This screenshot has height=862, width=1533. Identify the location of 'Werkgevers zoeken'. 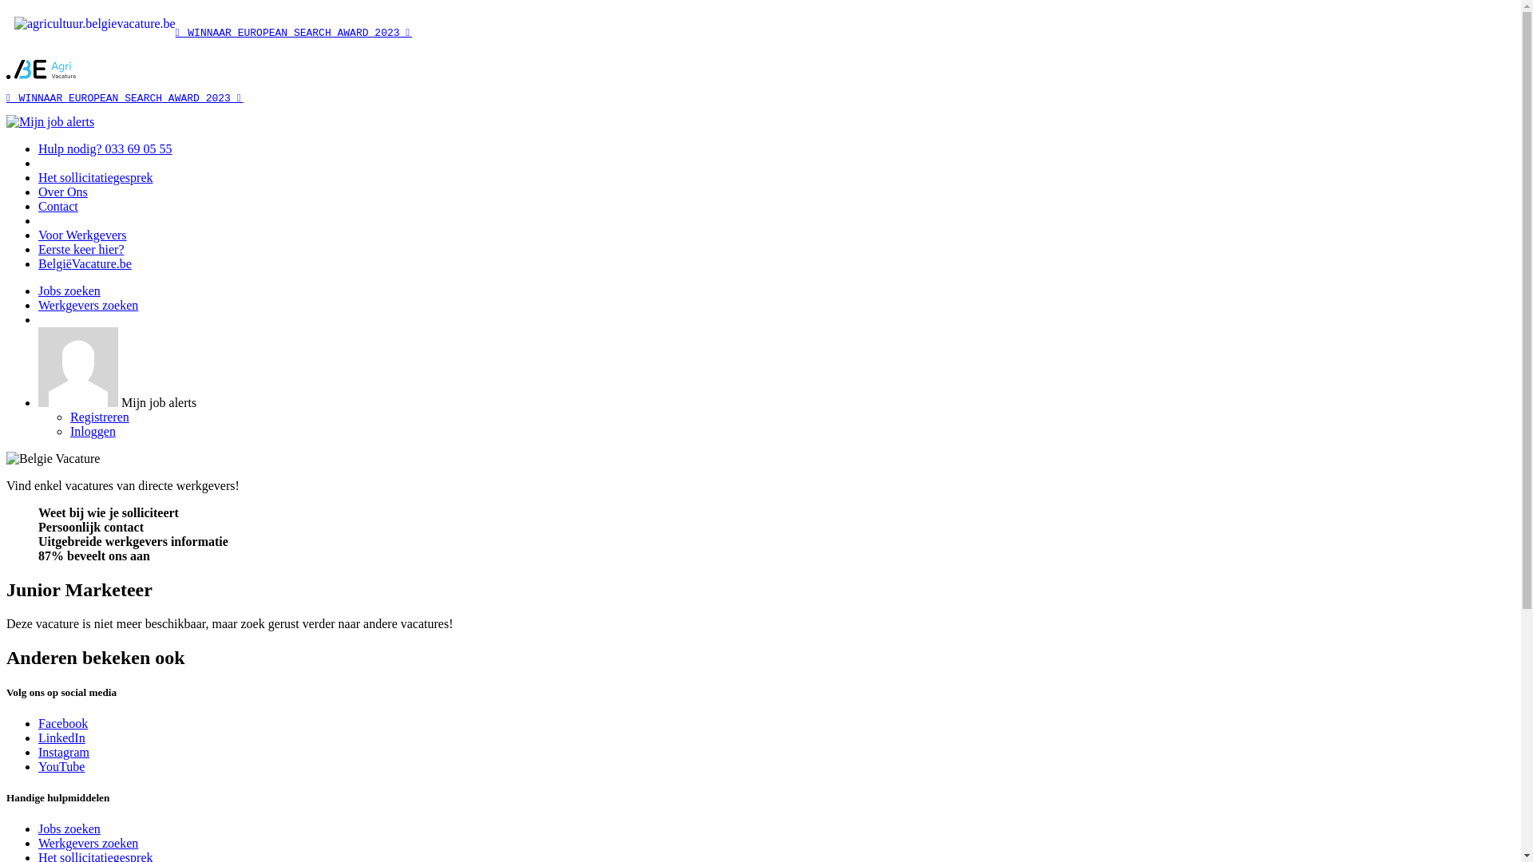
(87, 305).